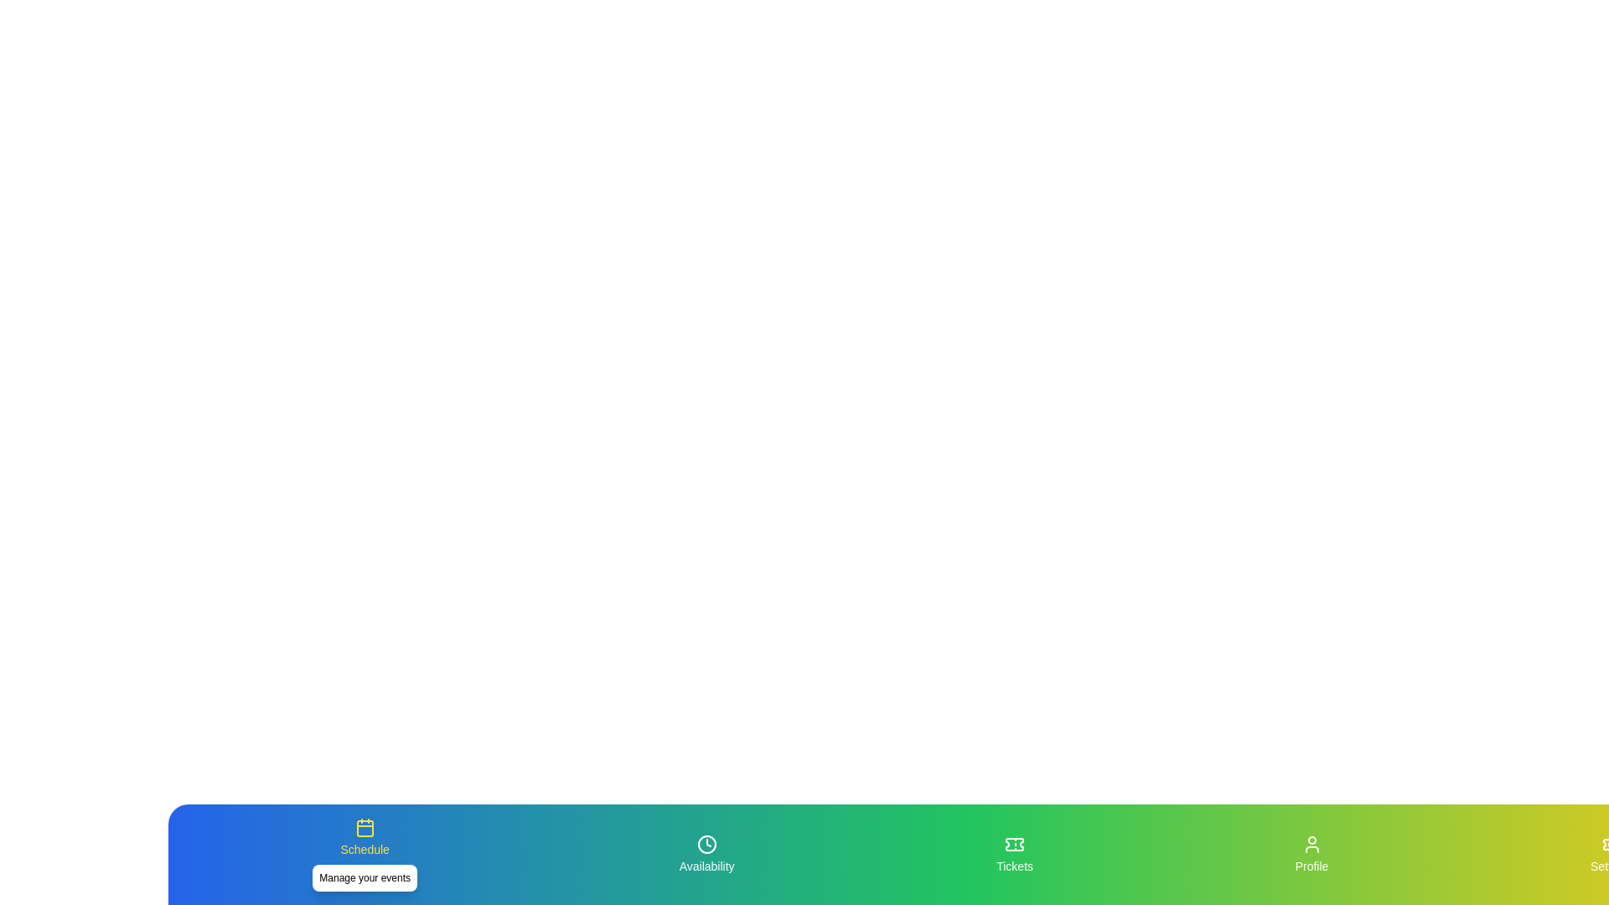  I want to click on the Availability tab by clicking on its corresponding area, so click(706, 854).